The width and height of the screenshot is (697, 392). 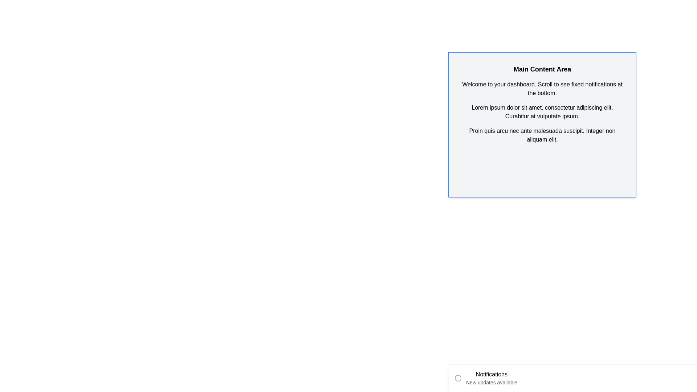 What do you see at coordinates (486, 377) in the screenshot?
I see `the Notification Display Component that contains the title 'Notifications' and the subtitle 'New updates available' with a gray circular icon on the left` at bounding box center [486, 377].